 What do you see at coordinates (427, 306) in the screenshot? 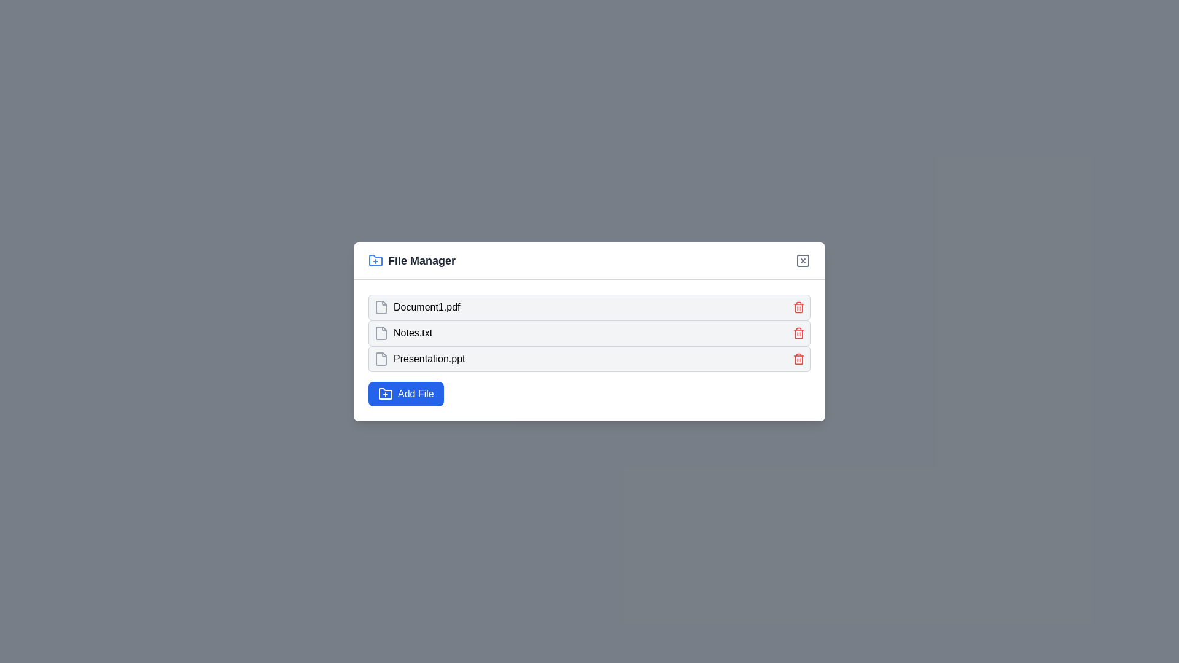
I see `on the file name display text label located in the 'File Manager' window, which is positioned above 'Notes.txt' and below the title 'File Manager'` at bounding box center [427, 306].